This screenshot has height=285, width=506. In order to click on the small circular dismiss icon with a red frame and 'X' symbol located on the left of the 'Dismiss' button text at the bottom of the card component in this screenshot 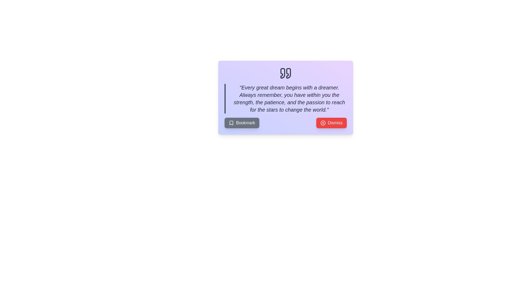, I will do `click(323, 123)`.